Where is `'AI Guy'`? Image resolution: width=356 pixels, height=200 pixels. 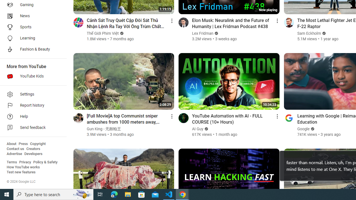 'AI Guy' is located at coordinates (198, 129).